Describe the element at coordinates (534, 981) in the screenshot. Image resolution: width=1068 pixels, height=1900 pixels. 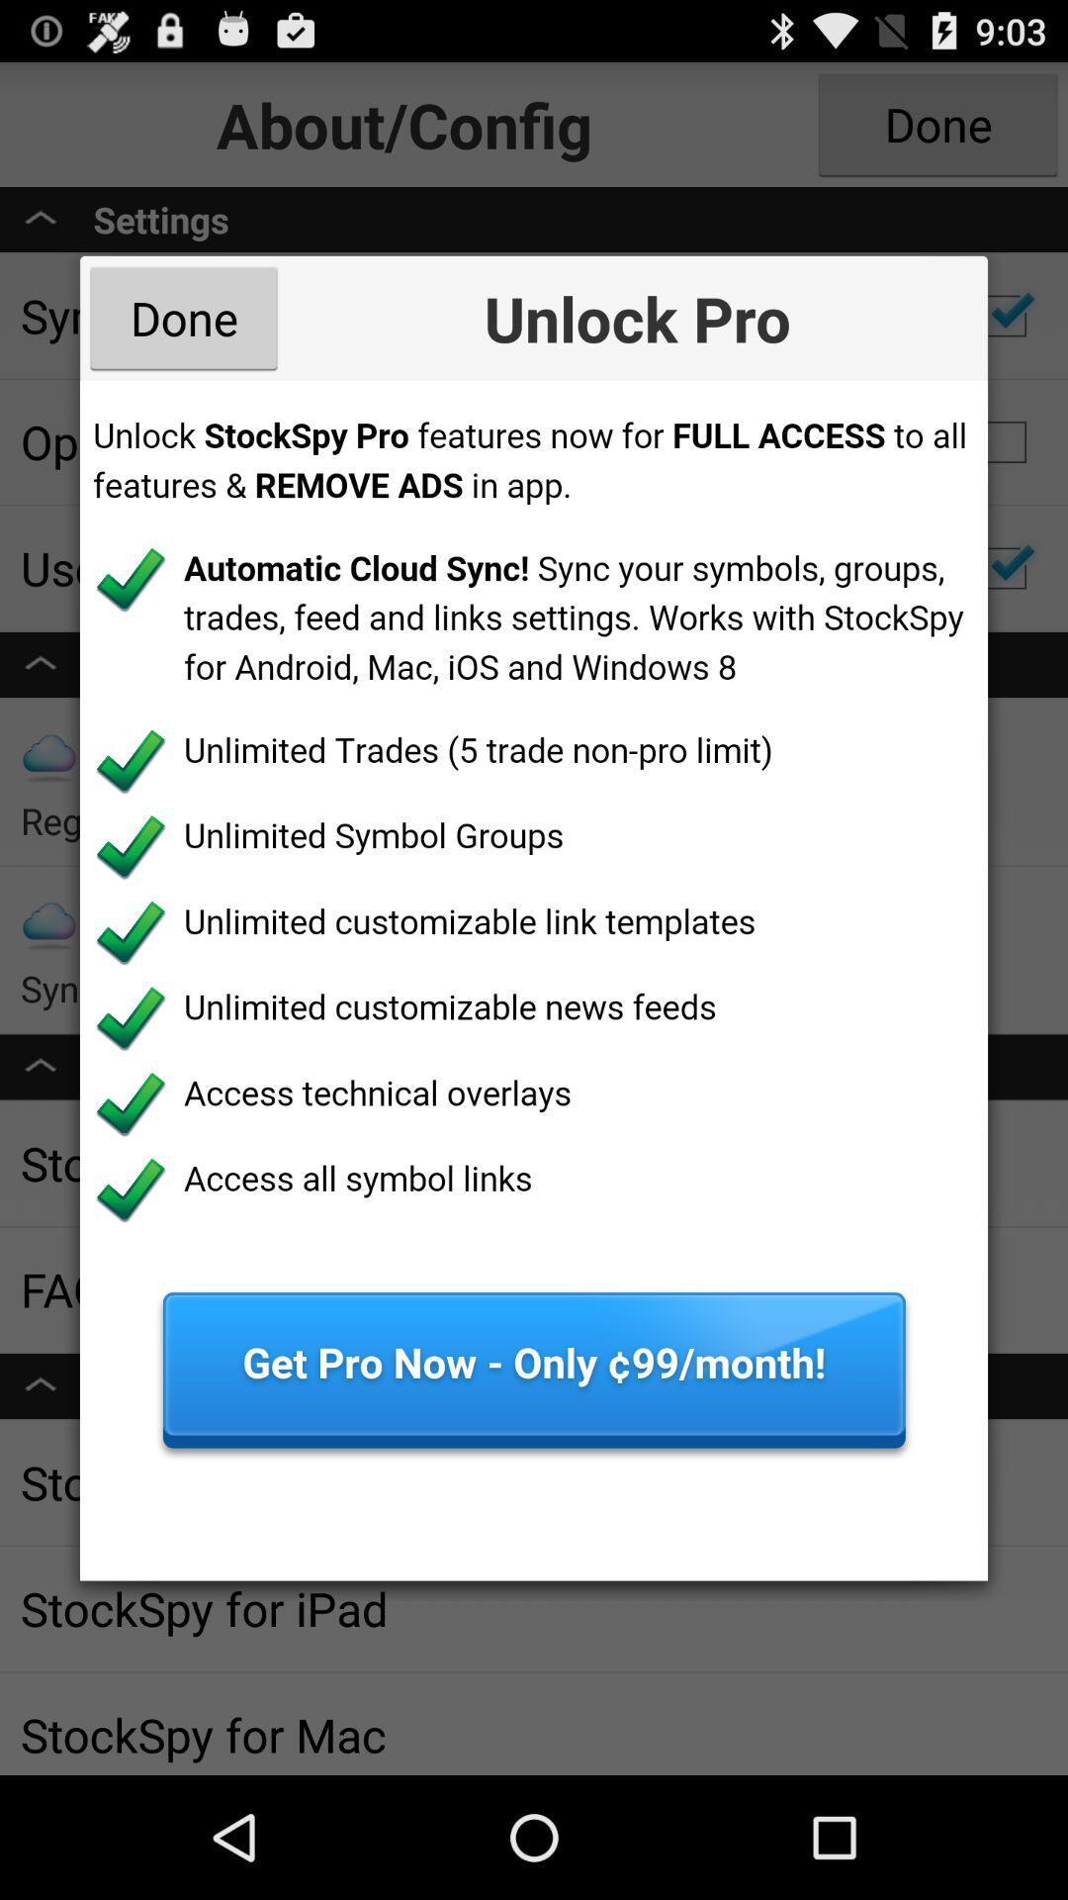
I see `order pro` at that location.